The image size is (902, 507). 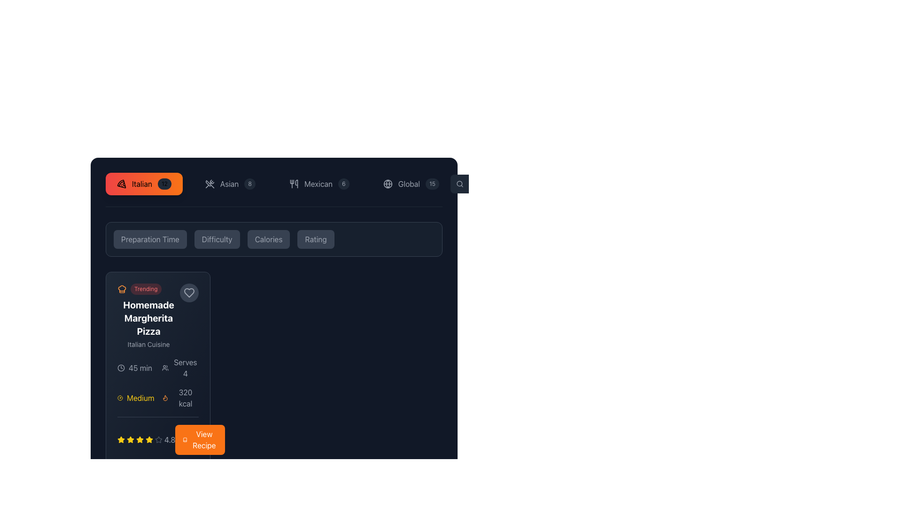 What do you see at coordinates (250, 184) in the screenshot?
I see `the small badge displaying the number '8' with a dark background, located to the right of the 'Asian' label` at bounding box center [250, 184].